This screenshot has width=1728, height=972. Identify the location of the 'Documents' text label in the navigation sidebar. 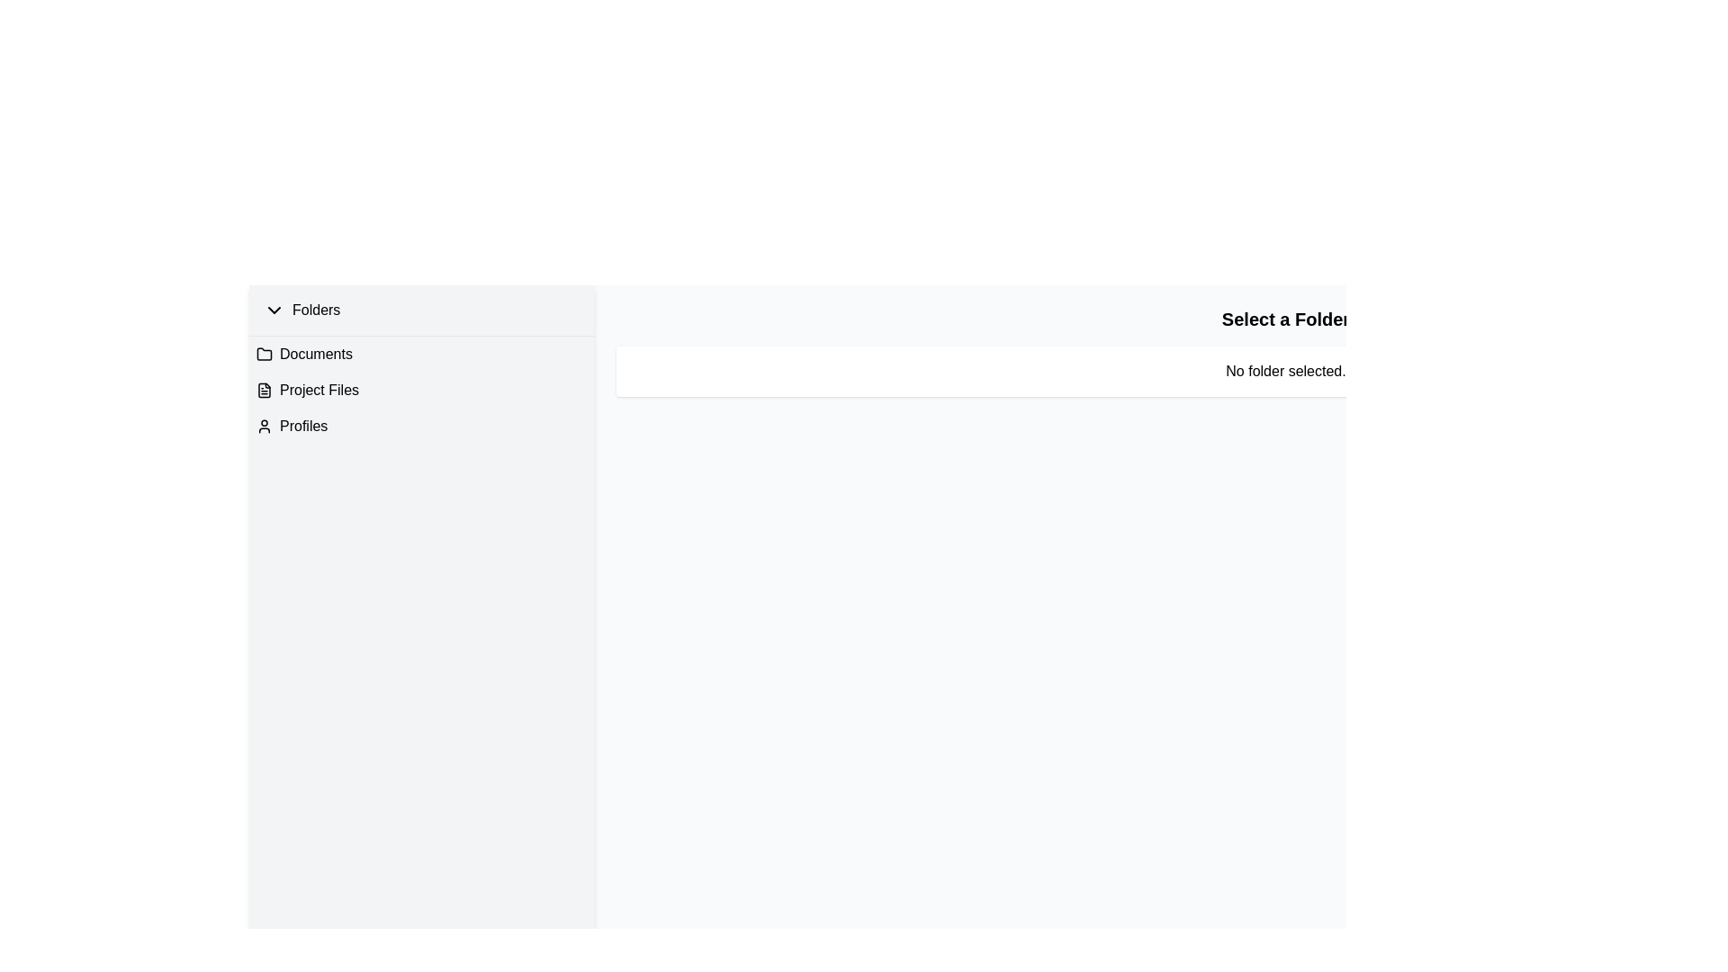
(316, 354).